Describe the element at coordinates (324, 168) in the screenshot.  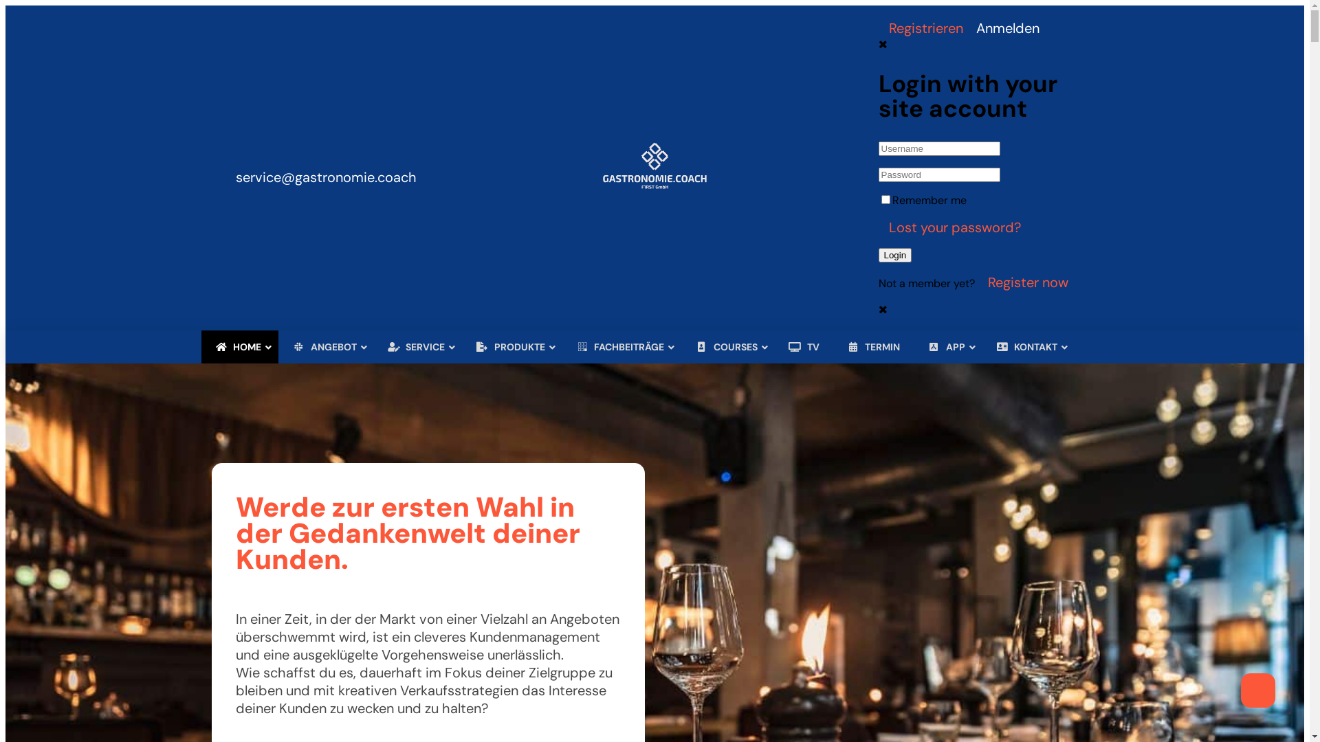
I see `'service@gastronomie.coach'` at that location.